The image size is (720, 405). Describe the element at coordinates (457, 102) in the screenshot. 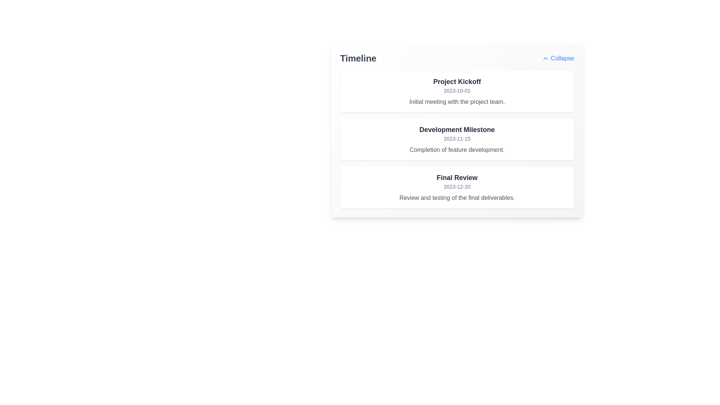

I see `text label displaying 'Initial meeting with the project team.' located in the third line of the 'Project Kickoff' card` at that location.